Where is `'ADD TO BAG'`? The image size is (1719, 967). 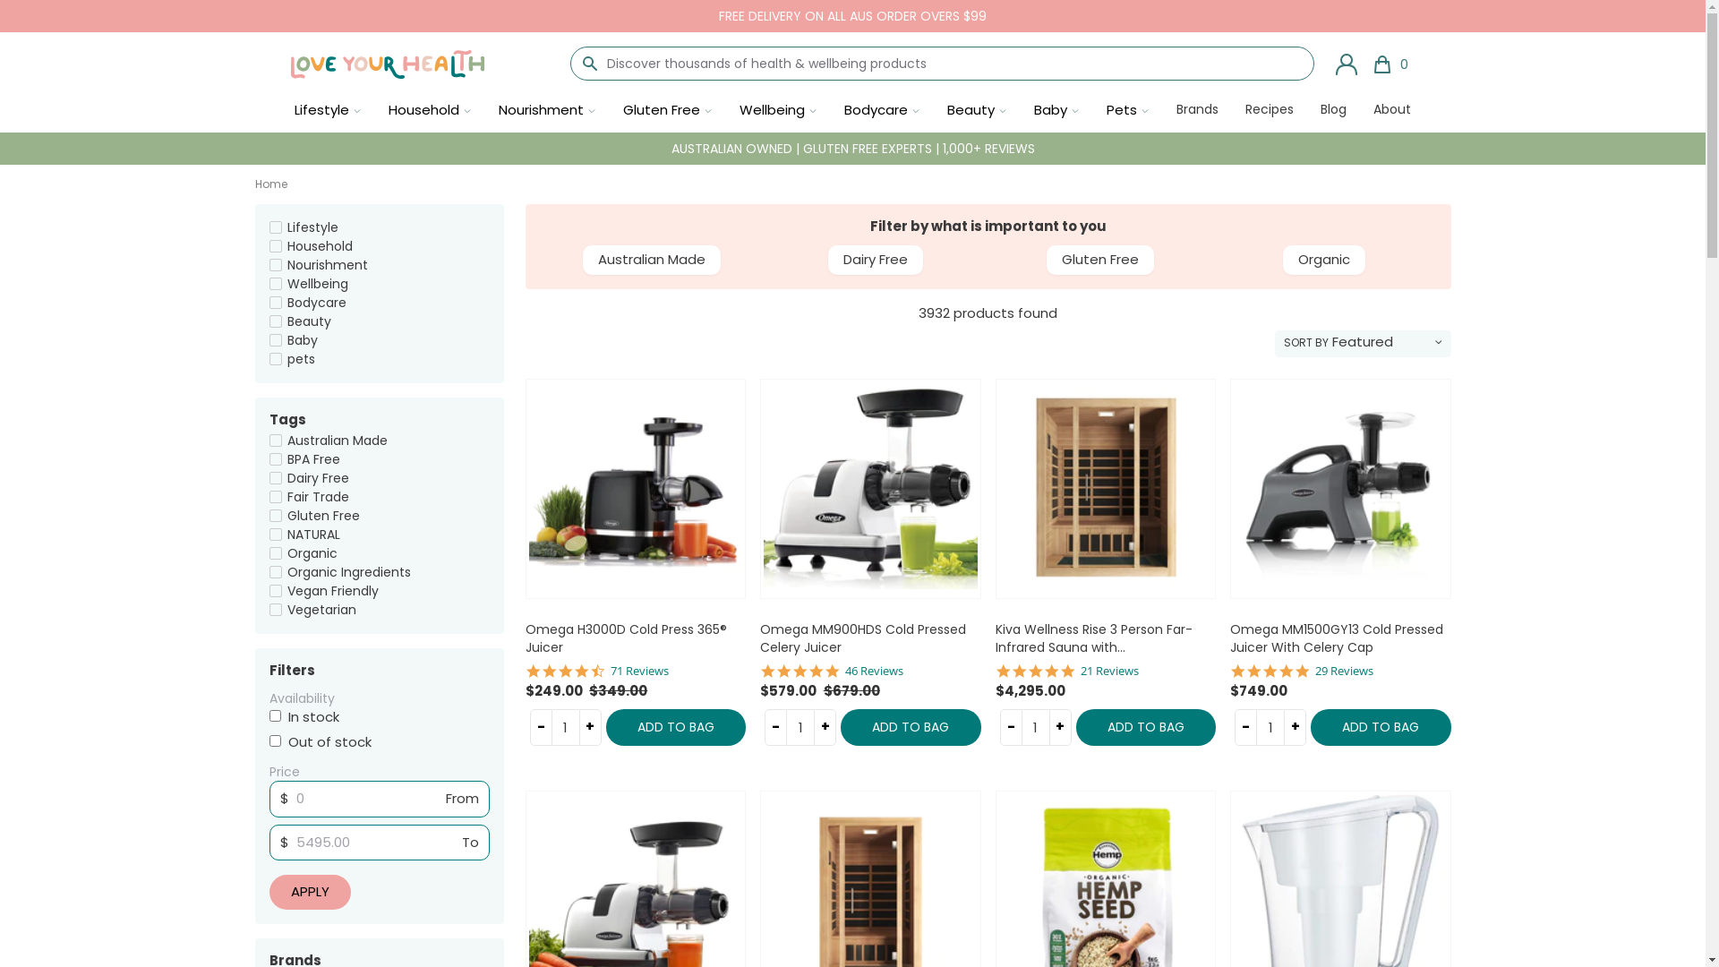 'ADD TO BAG' is located at coordinates (674, 727).